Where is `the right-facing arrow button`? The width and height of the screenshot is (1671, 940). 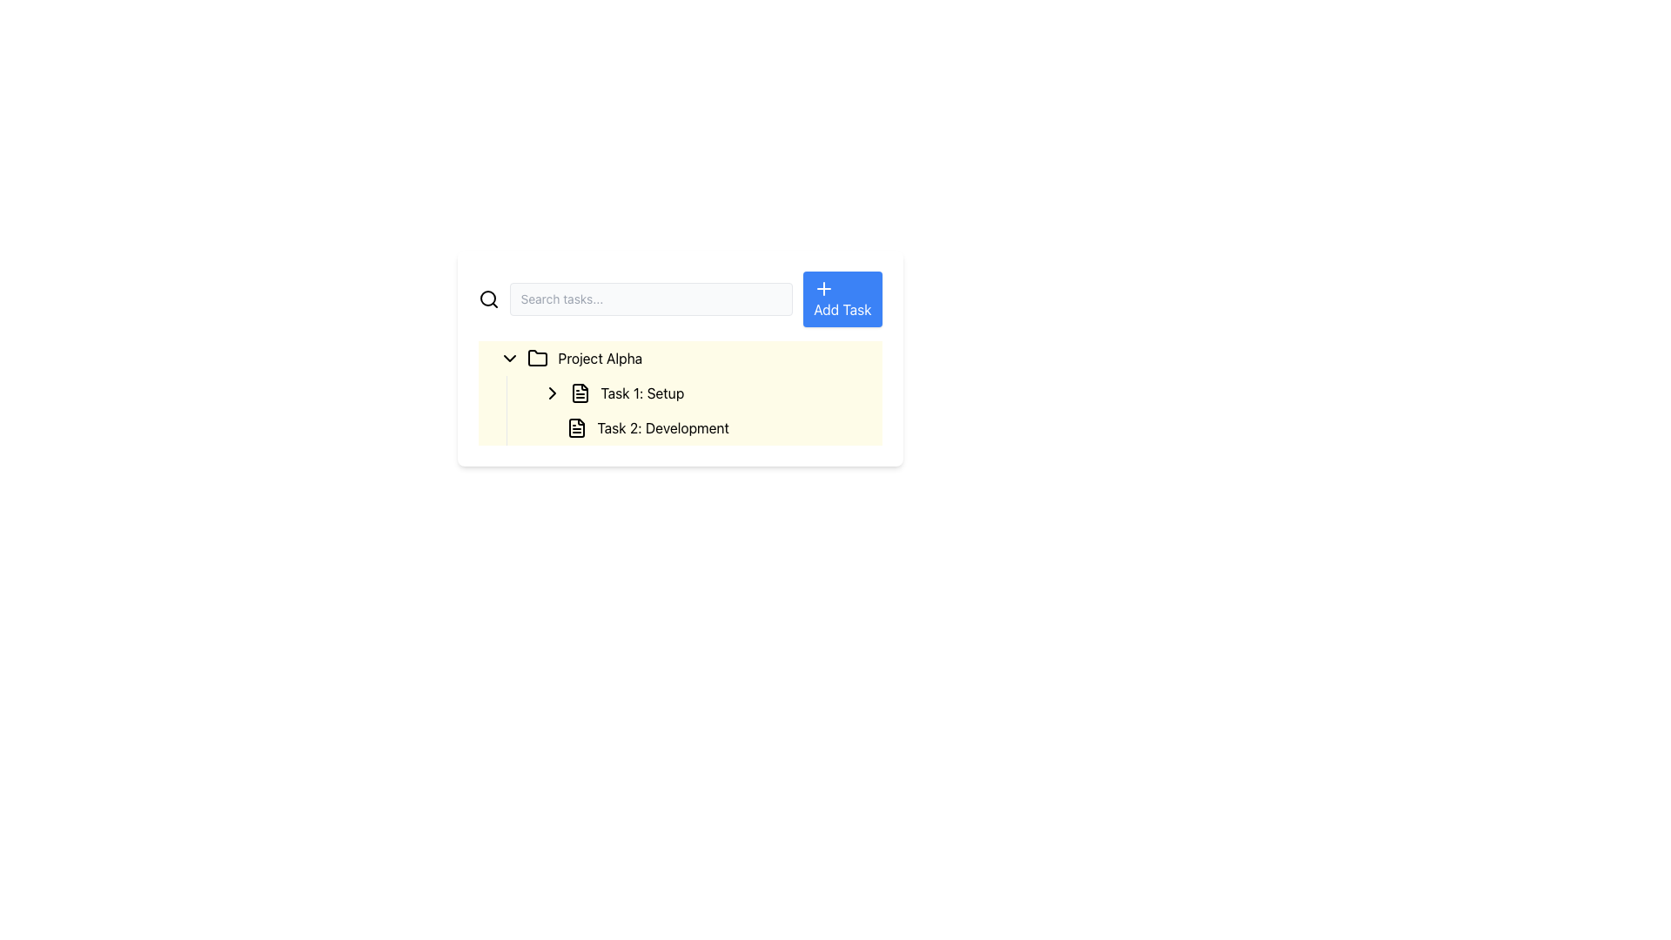 the right-facing arrow button is located at coordinates (551, 393).